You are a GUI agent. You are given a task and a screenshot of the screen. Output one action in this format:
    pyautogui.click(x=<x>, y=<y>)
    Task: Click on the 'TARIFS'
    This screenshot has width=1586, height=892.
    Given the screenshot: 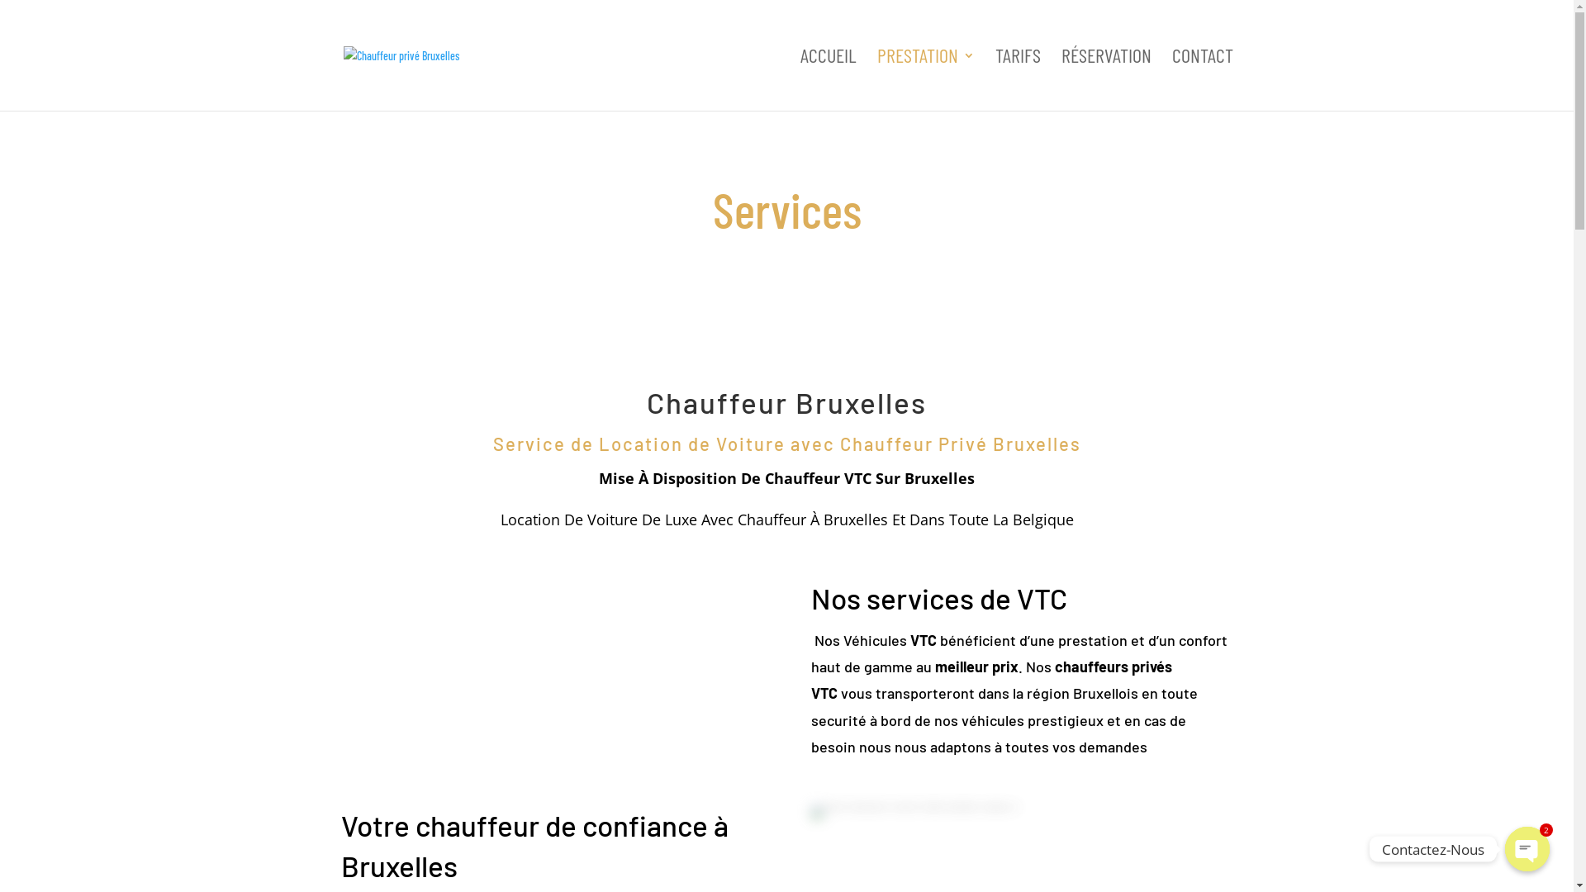 What is the action you would take?
    pyautogui.click(x=1016, y=79)
    